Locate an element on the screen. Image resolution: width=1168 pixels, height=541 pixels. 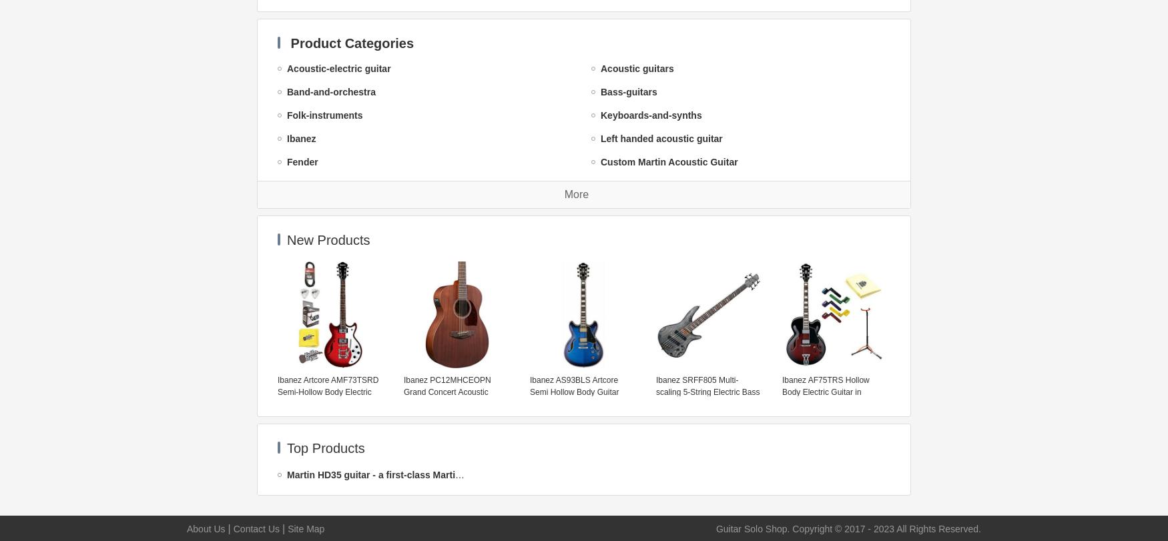
'Grestch Guitar' is located at coordinates (633, 371).